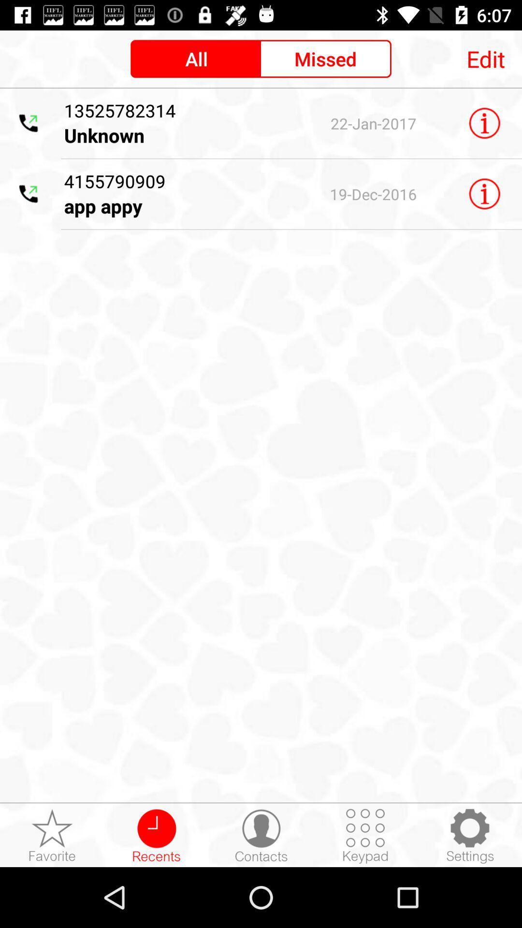  I want to click on recents button at the bottom, so click(156, 835).